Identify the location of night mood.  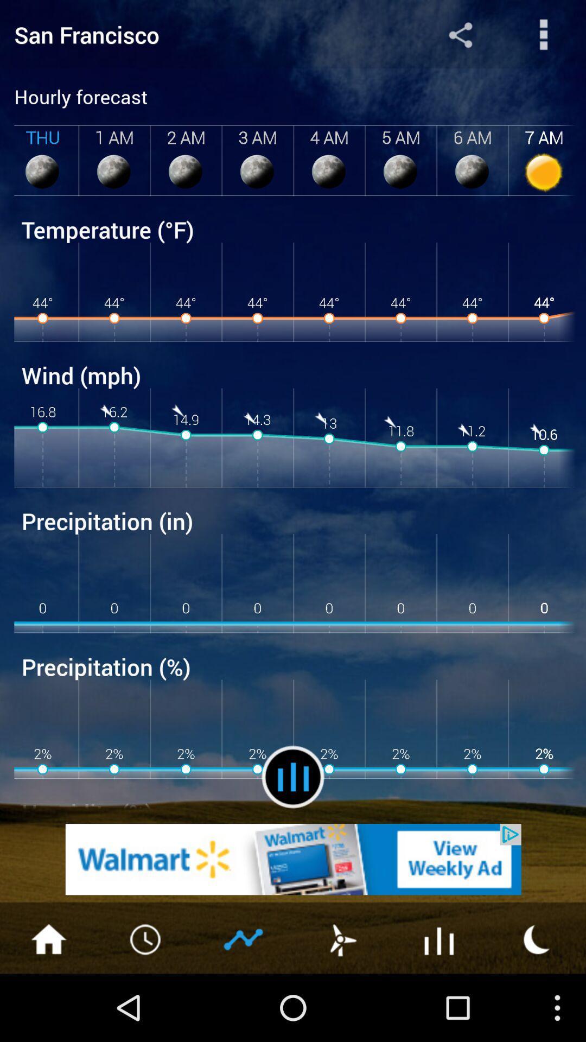
(537, 938).